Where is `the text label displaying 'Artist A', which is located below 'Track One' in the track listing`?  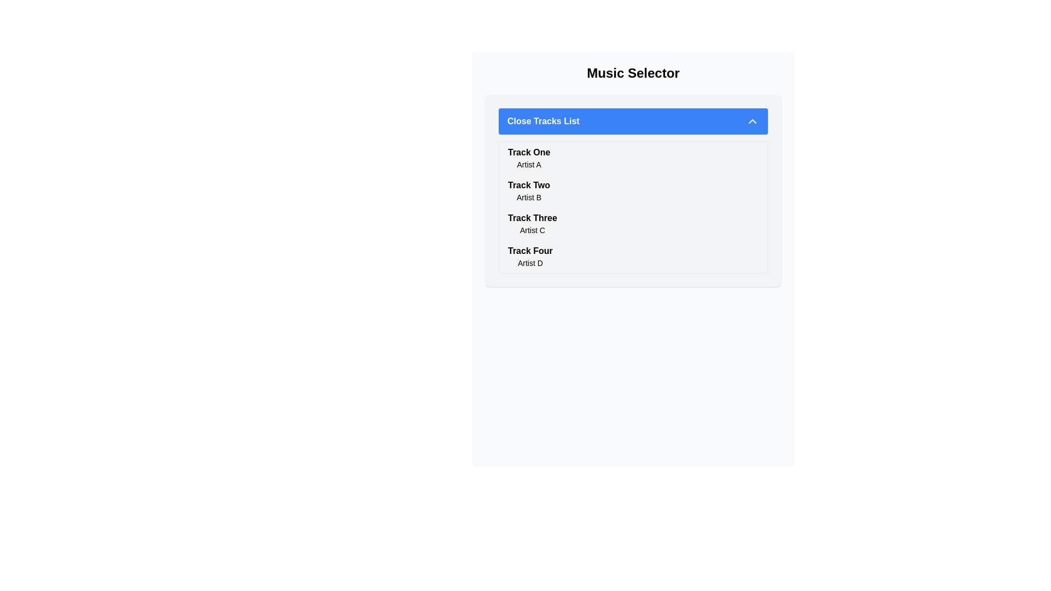
the text label displaying 'Artist A', which is located below 'Track One' in the track listing is located at coordinates (529, 164).